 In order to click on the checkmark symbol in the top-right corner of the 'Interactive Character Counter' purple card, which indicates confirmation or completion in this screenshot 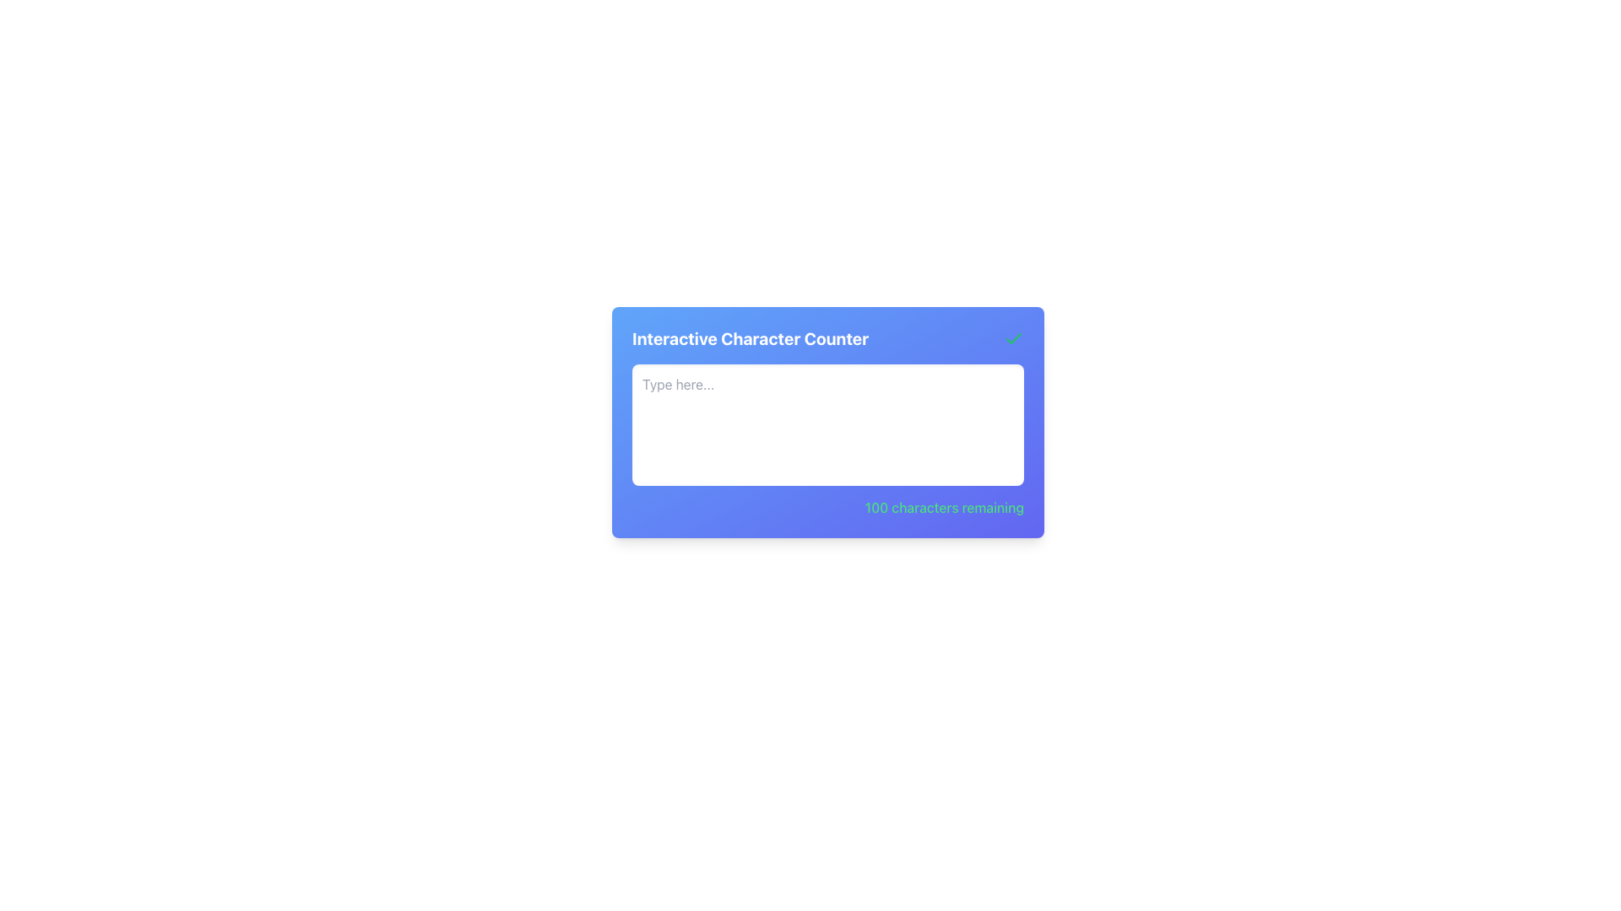, I will do `click(1013, 338)`.